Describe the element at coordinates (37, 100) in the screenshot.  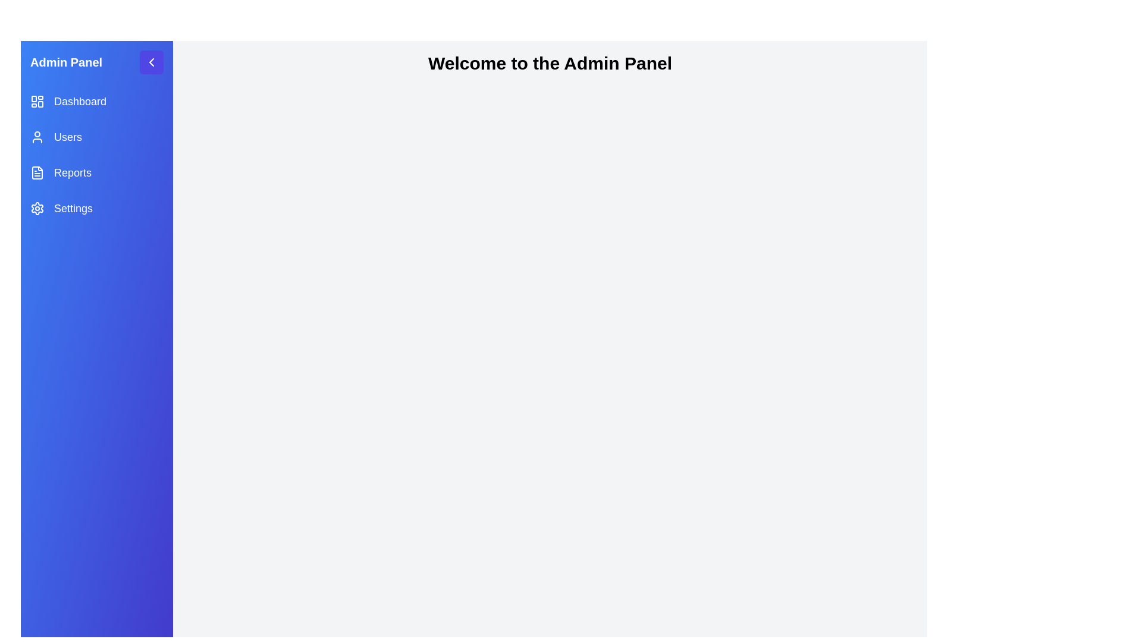
I see `the 'Dashboard' icon located at the top of the vertical navigation sidebar, which is directly to the left of the 'Dashboard' text label` at that location.